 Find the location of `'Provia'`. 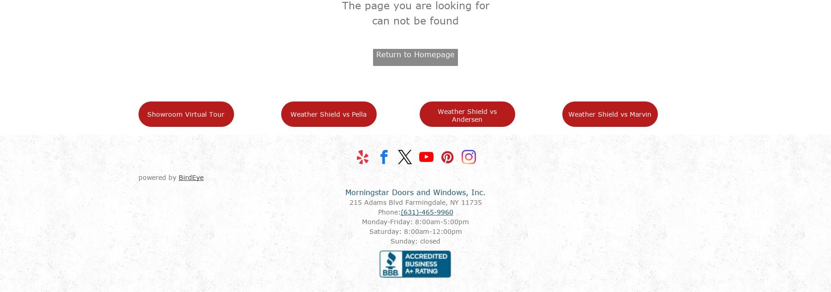

'Provia' is located at coordinates (488, 256).